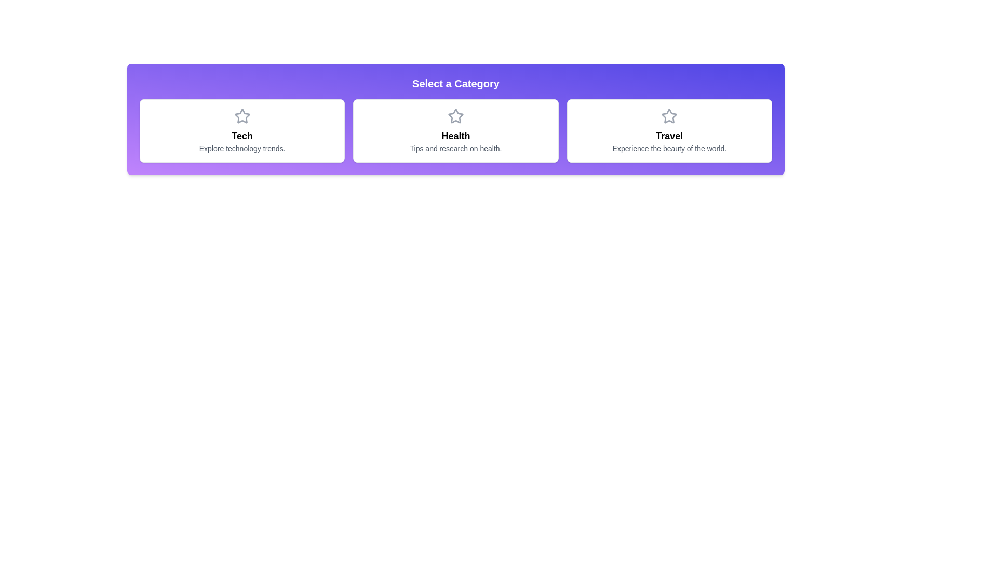 The image size is (997, 561). What do you see at coordinates (241, 141) in the screenshot?
I see `the text block that provides a heading and descriptive text for the 'Tech' category, located in the top-left card under the 'Select a Category' section` at bounding box center [241, 141].